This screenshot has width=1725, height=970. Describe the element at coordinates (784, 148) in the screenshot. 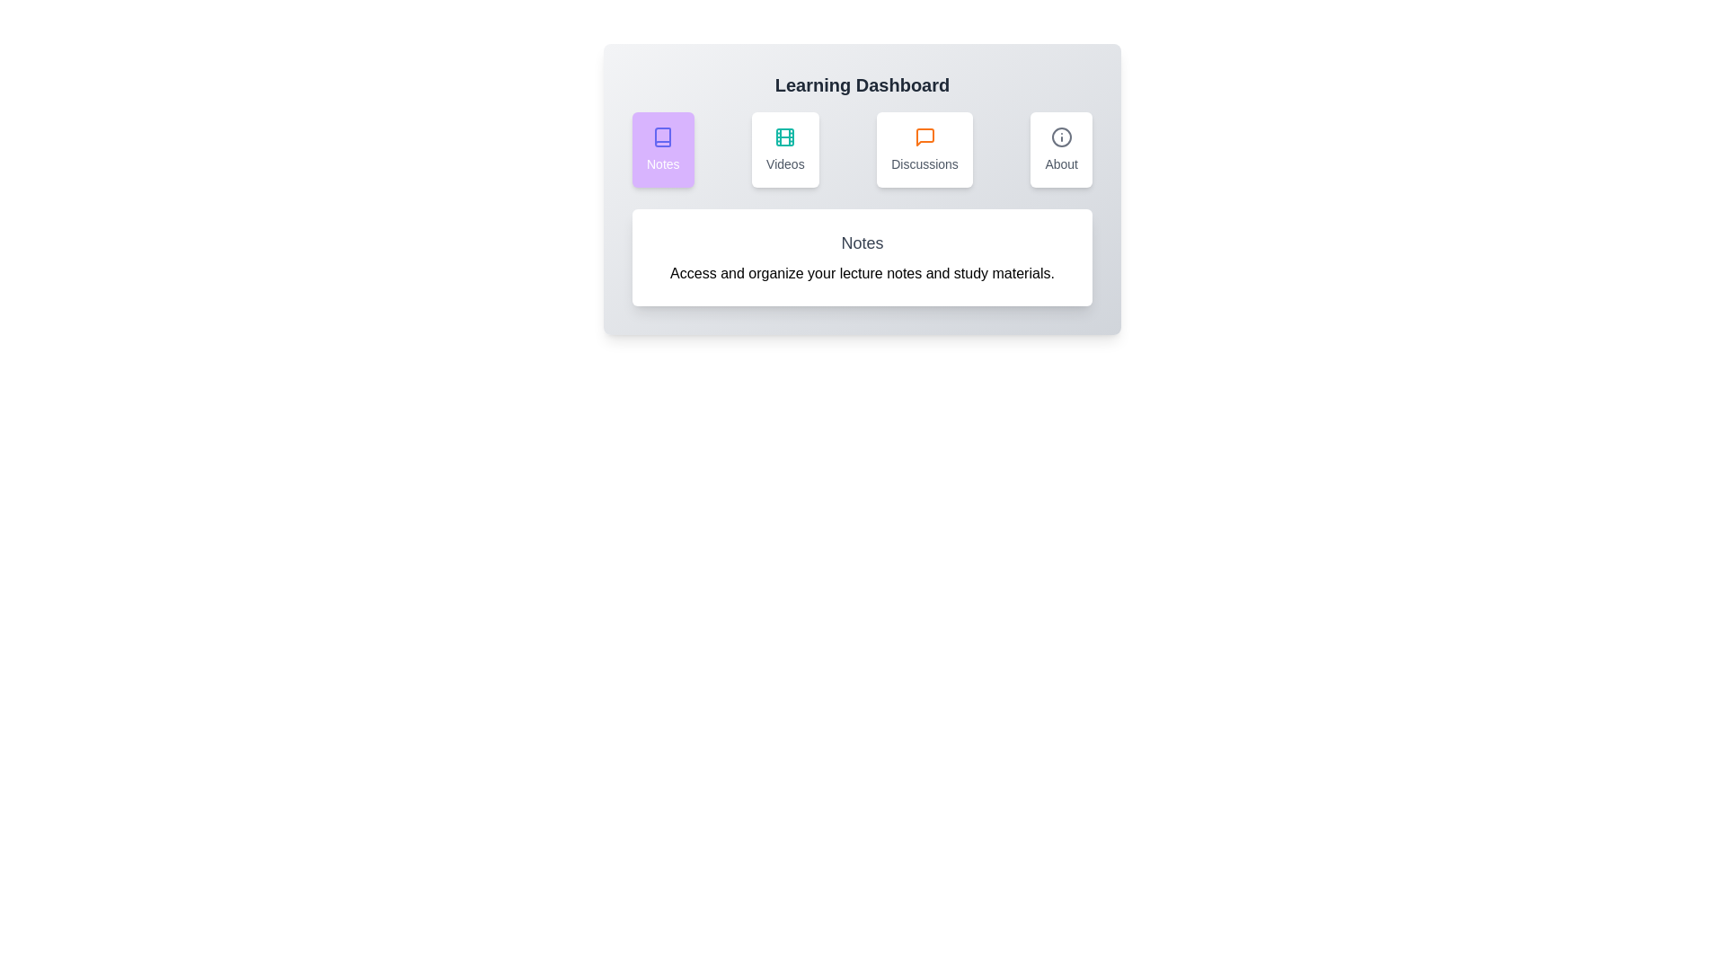

I see `the Videos tab by clicking on its corresponding button` at that location.